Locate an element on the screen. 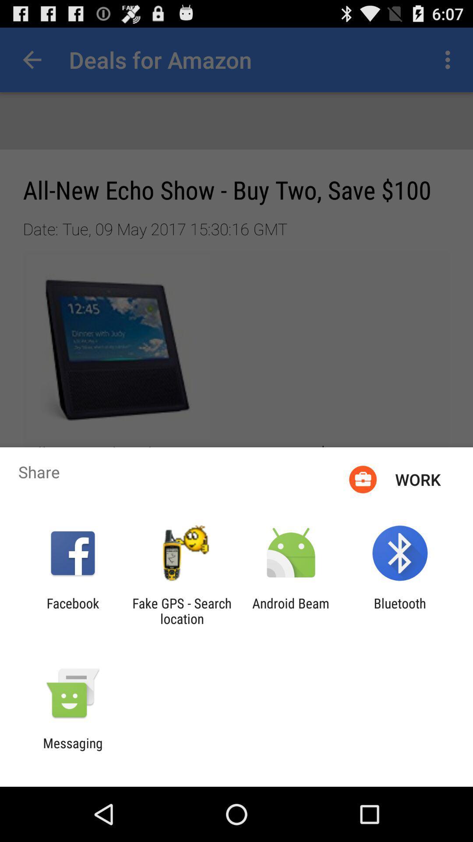  app at the bottom right corner is located at coordinates (400, 610).